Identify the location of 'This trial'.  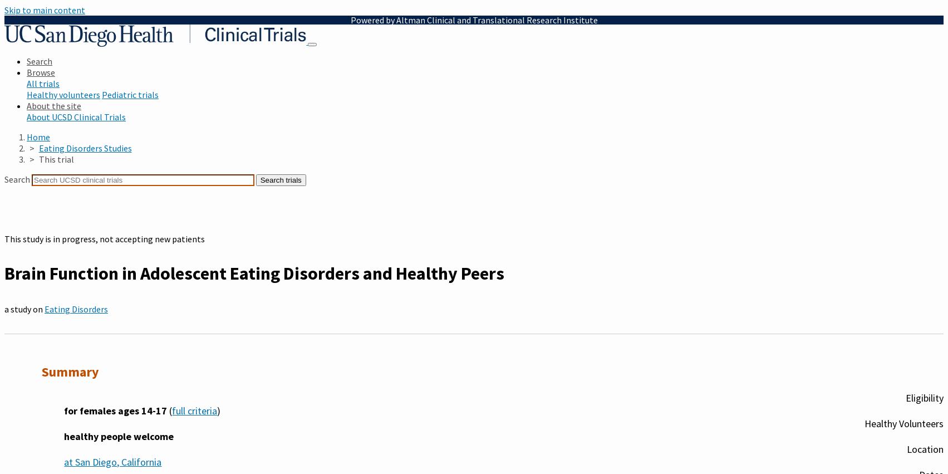
(56, 159).